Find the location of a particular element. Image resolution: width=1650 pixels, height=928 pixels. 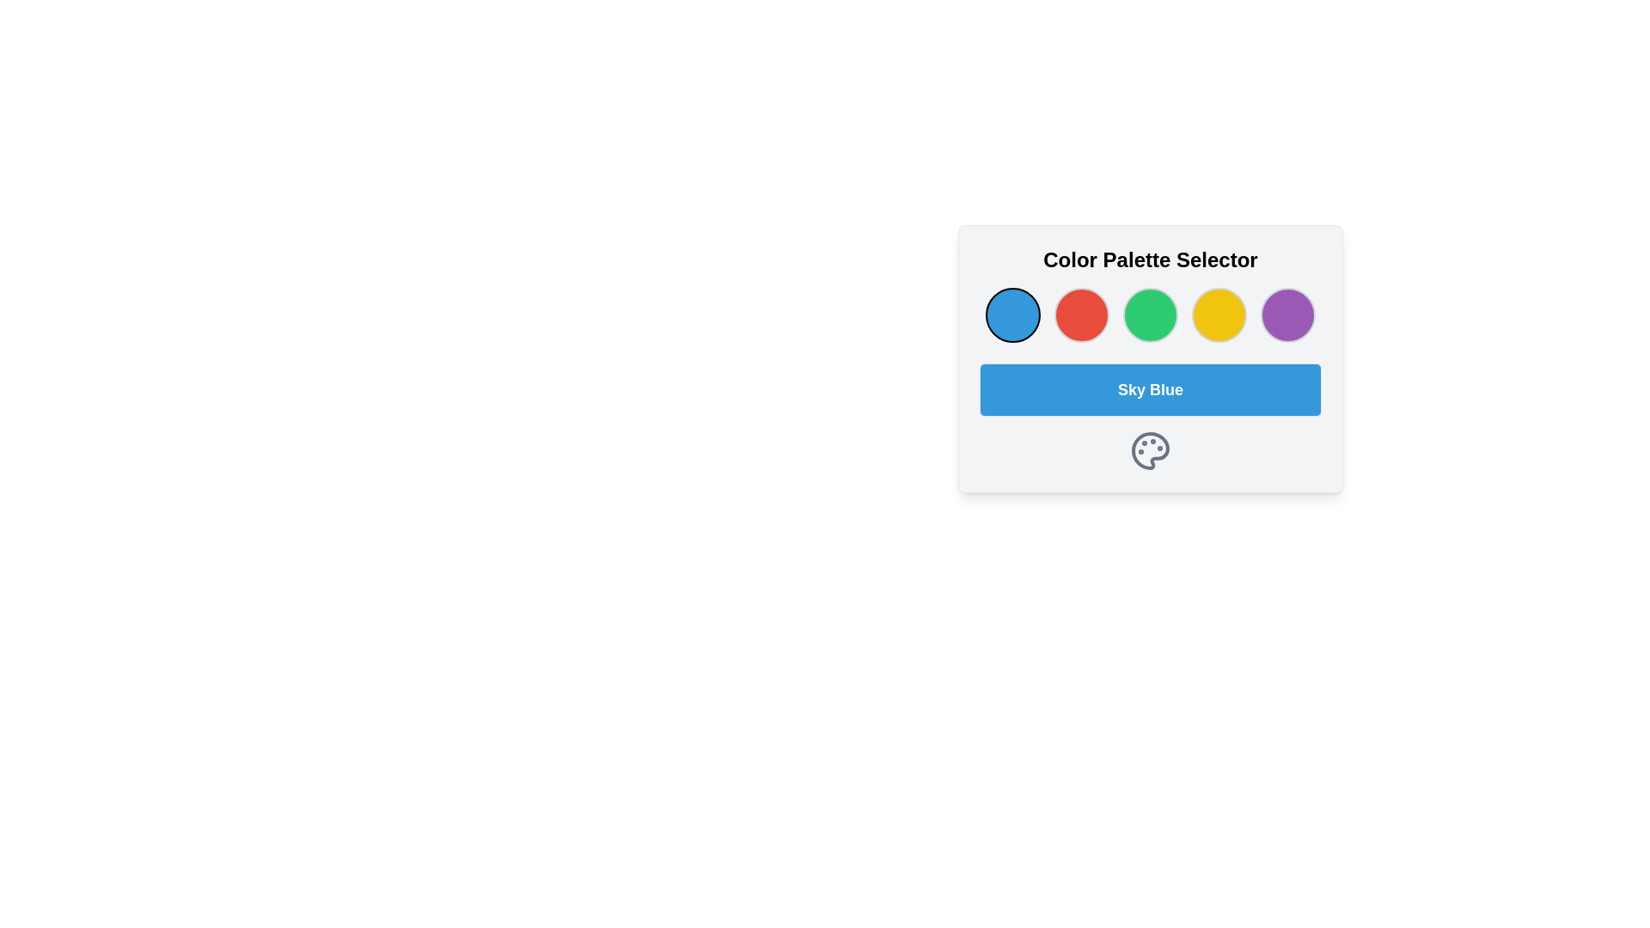

the 'Sky Blue' text label button, which is a rectangular button with rounded corners, featuring a solid blue background and white bold text, located centrally at the bottom of the 'Color Palette Selector' panel is located at coordinates (1151, 390).